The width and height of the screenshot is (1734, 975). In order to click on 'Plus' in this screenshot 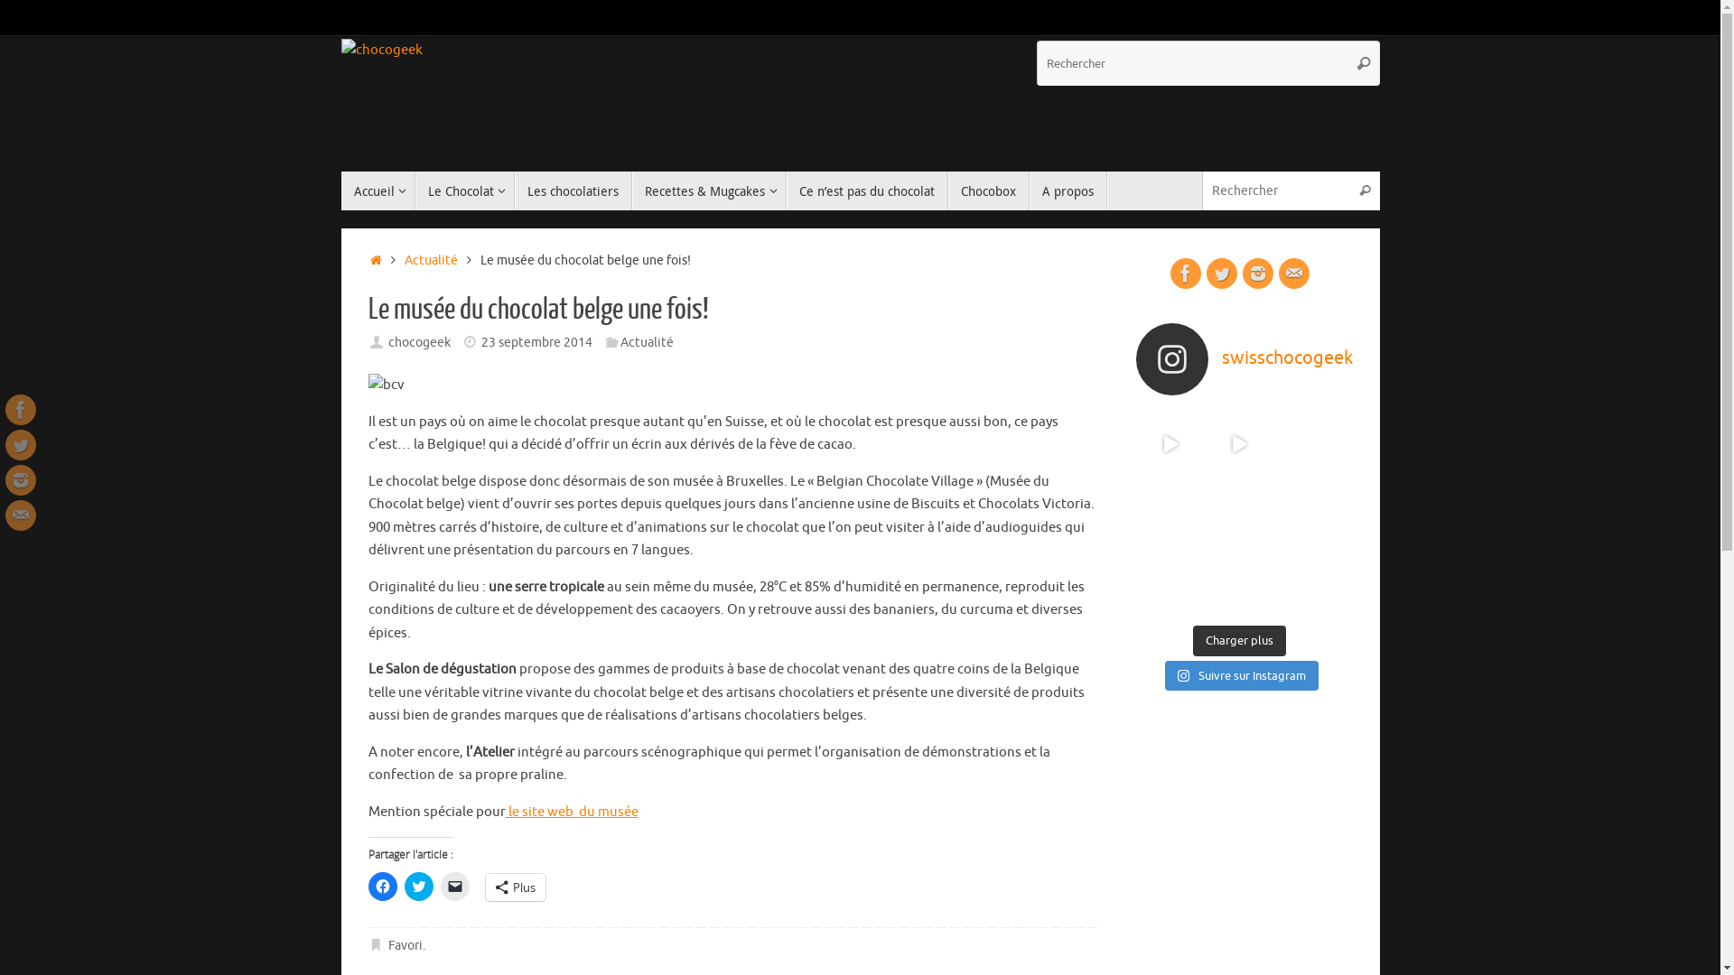, I will do `click(515, 887)`.